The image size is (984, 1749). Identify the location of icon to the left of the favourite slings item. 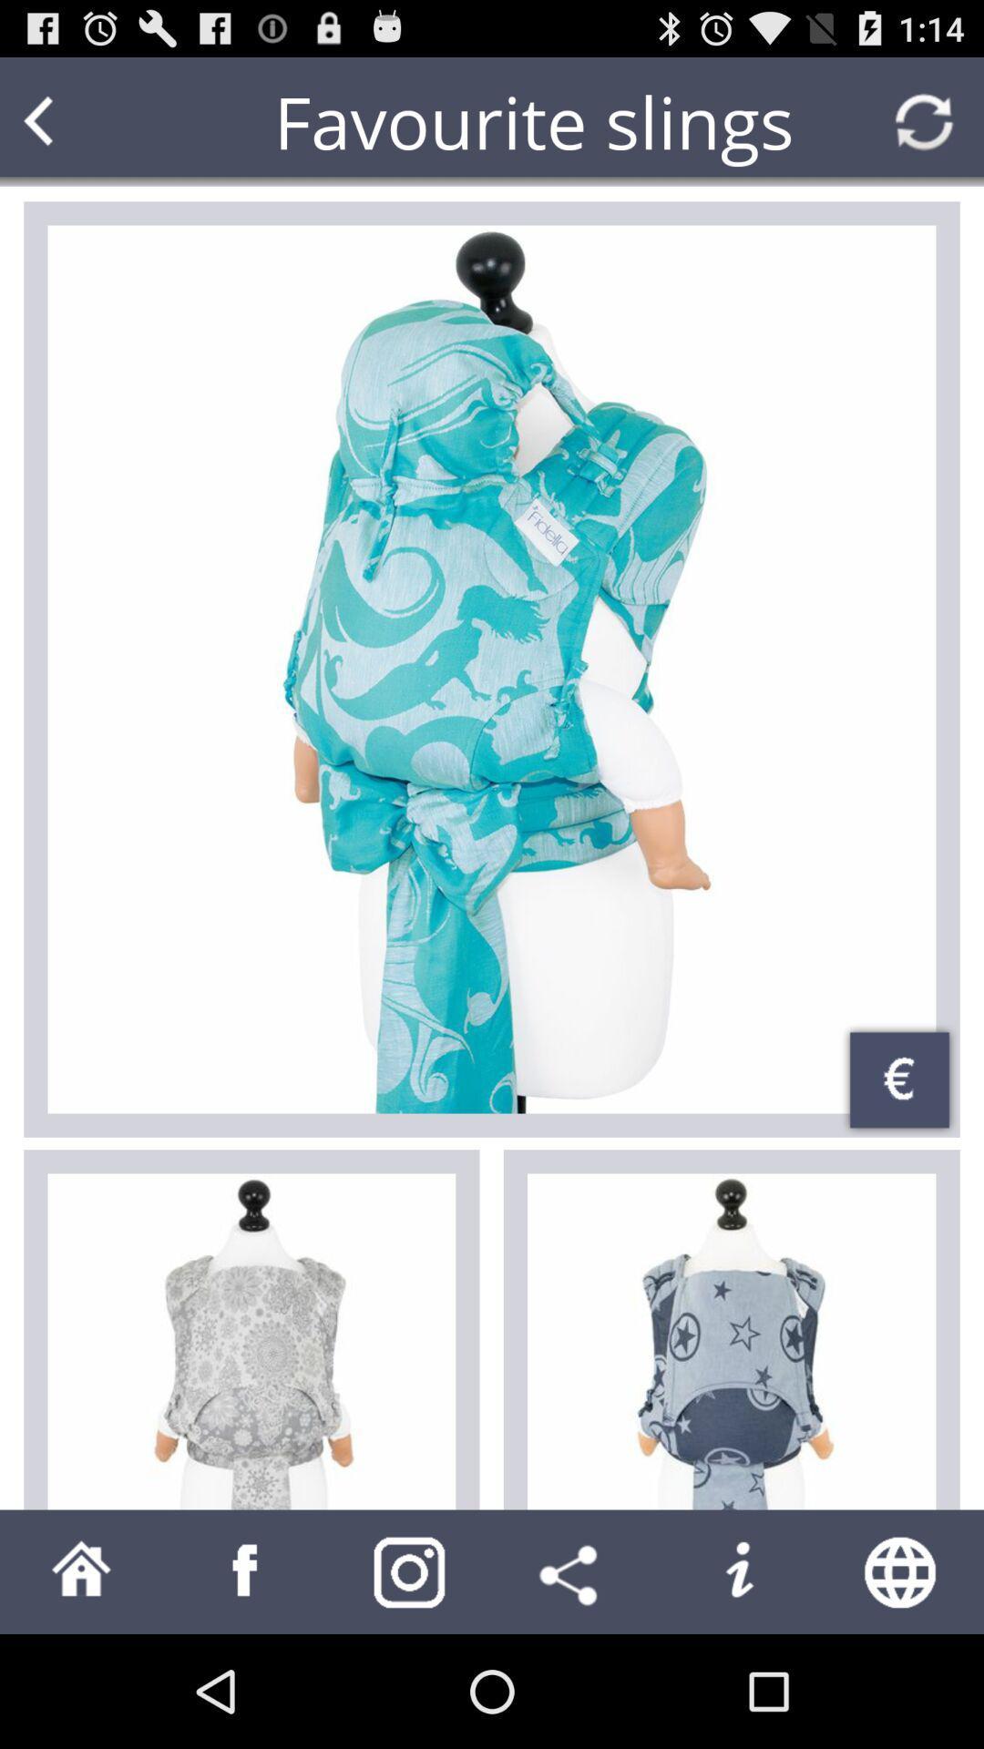
(73, 120).